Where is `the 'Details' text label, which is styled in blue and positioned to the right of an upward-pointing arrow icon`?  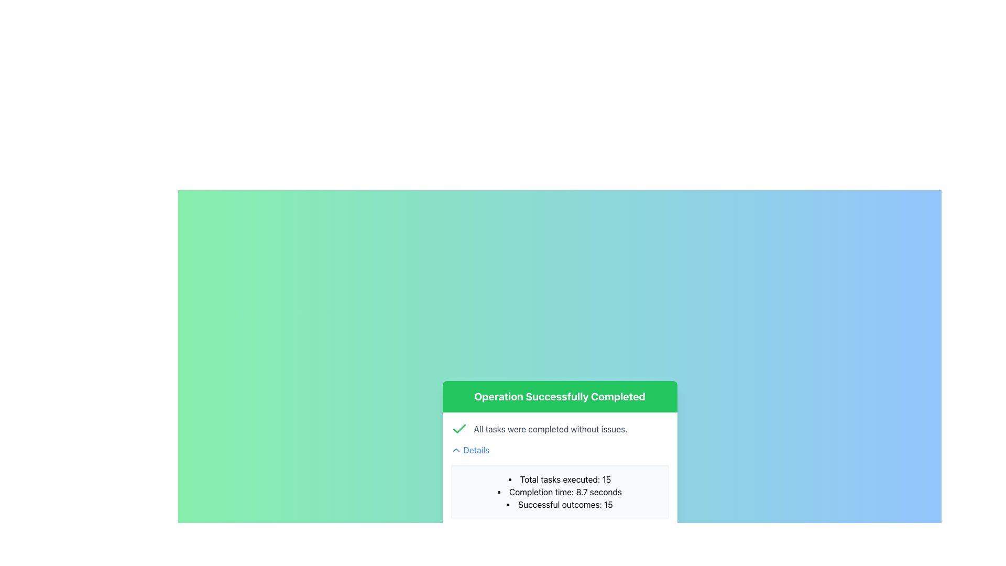 the 'Details' text label, which is styled in blue and positioned to the right of an upward-pointing arrow icon is located at coordinates (476, 450).